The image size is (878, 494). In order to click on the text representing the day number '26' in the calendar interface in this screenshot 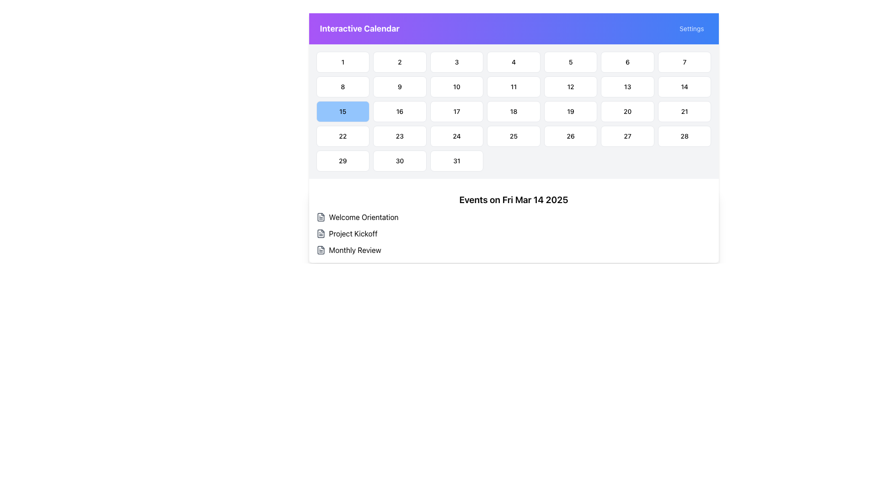, I will do `click(570, 136)`.